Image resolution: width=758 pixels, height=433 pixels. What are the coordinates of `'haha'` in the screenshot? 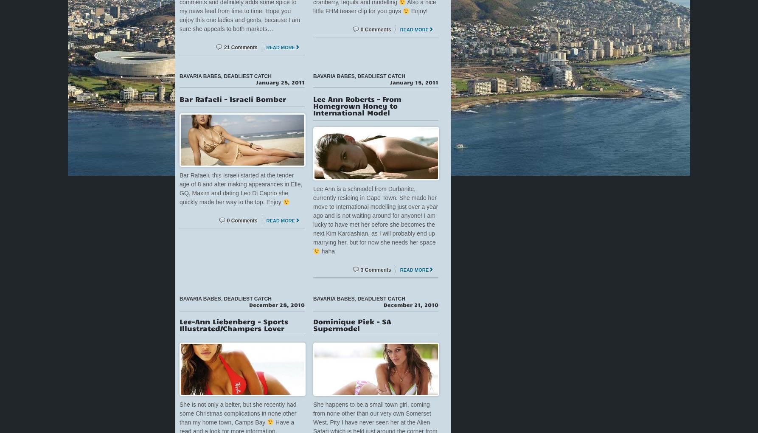 It's located at (319, 251).